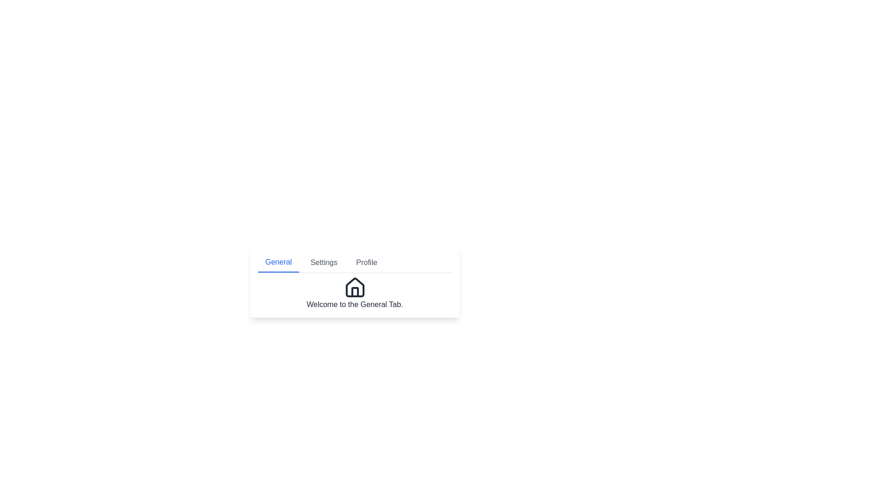 This screenshot has width=896, height=504. Describe the element at coordinates (324, 263) in the screenshot. I see `the 'Settings' tab` at that location.